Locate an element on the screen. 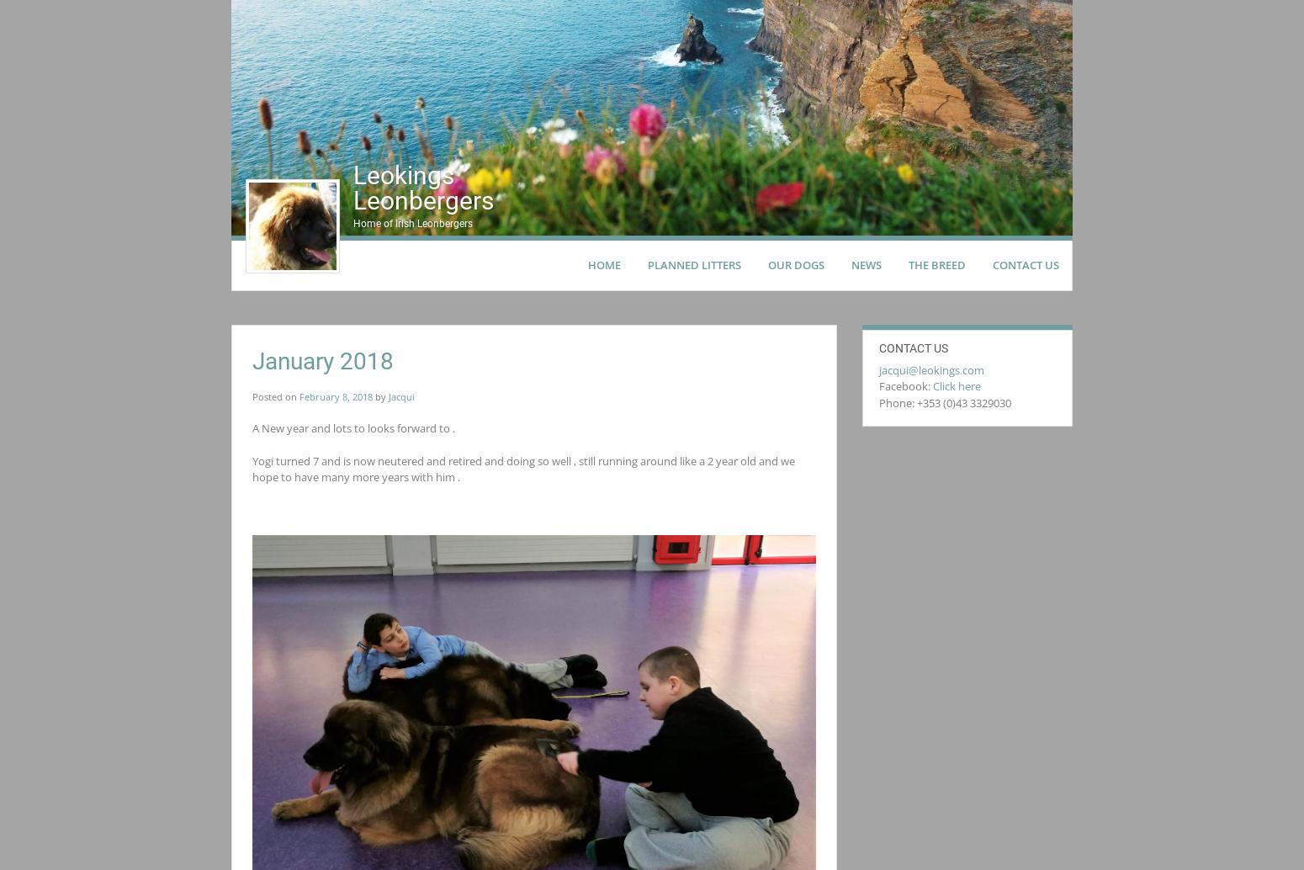 This screenshot has width=1304, height=870. 'January 2018' is located at coordinates (252, 359).